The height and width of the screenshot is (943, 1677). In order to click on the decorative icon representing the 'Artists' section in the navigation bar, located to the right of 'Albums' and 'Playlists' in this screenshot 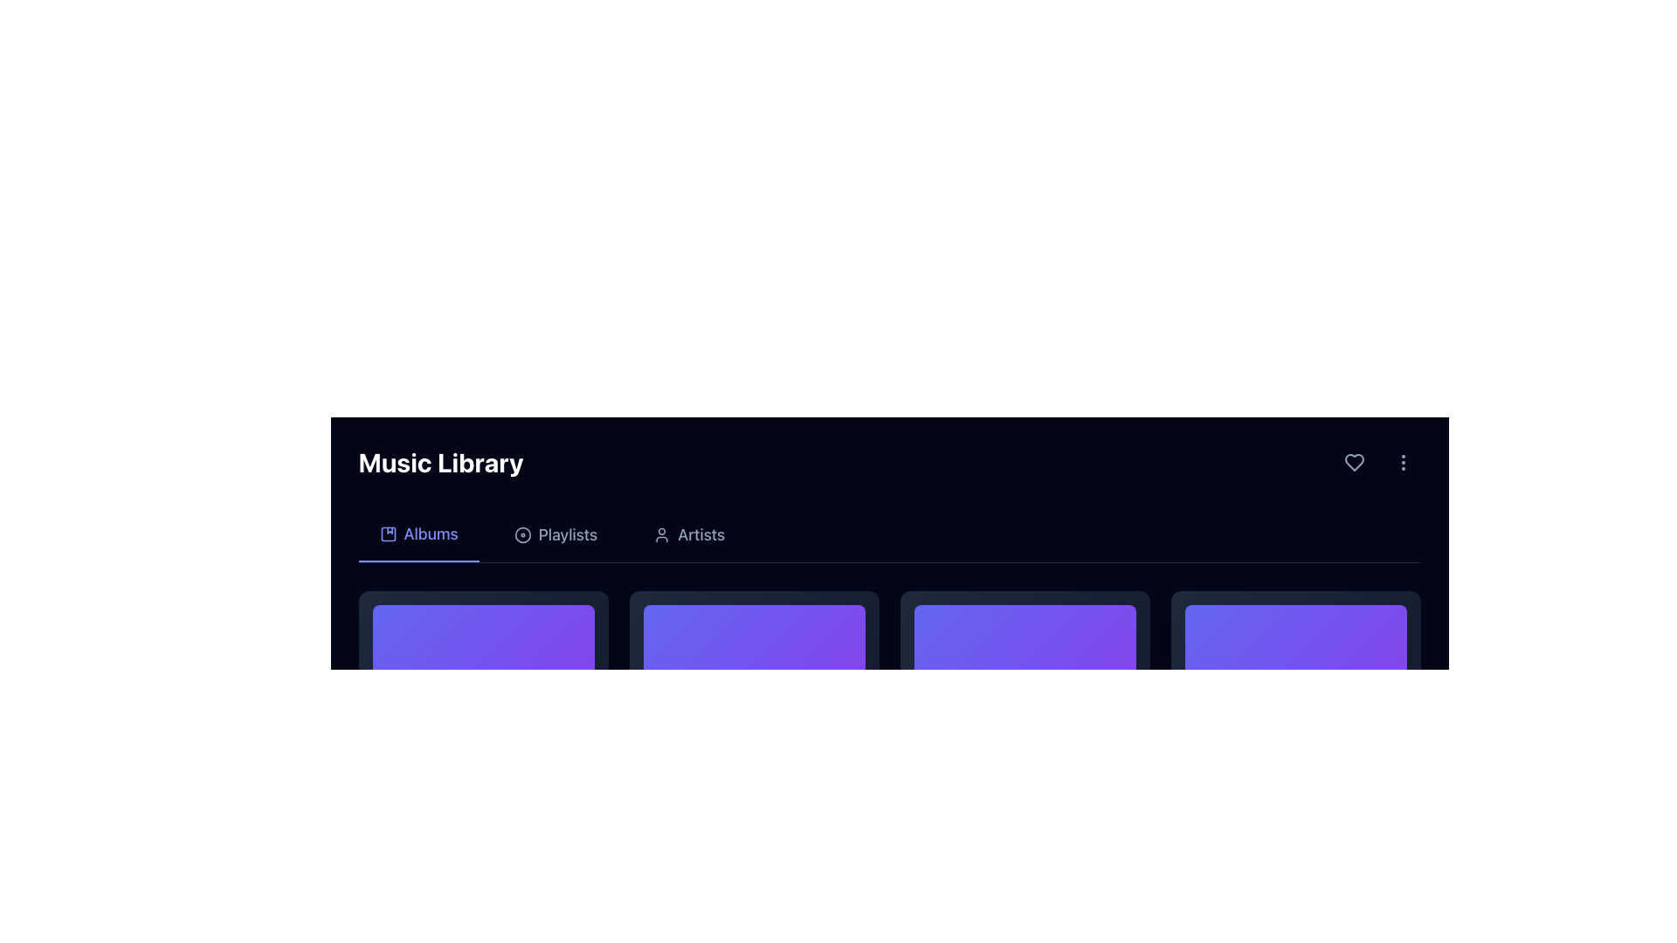, I will do `click(661, 534)`.